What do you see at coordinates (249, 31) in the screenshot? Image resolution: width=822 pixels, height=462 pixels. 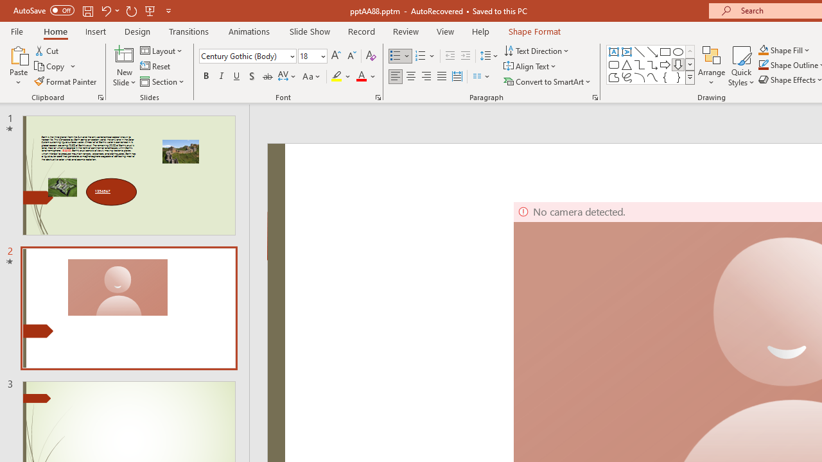 I see `'Animations'` at bounding box center [249, 31].